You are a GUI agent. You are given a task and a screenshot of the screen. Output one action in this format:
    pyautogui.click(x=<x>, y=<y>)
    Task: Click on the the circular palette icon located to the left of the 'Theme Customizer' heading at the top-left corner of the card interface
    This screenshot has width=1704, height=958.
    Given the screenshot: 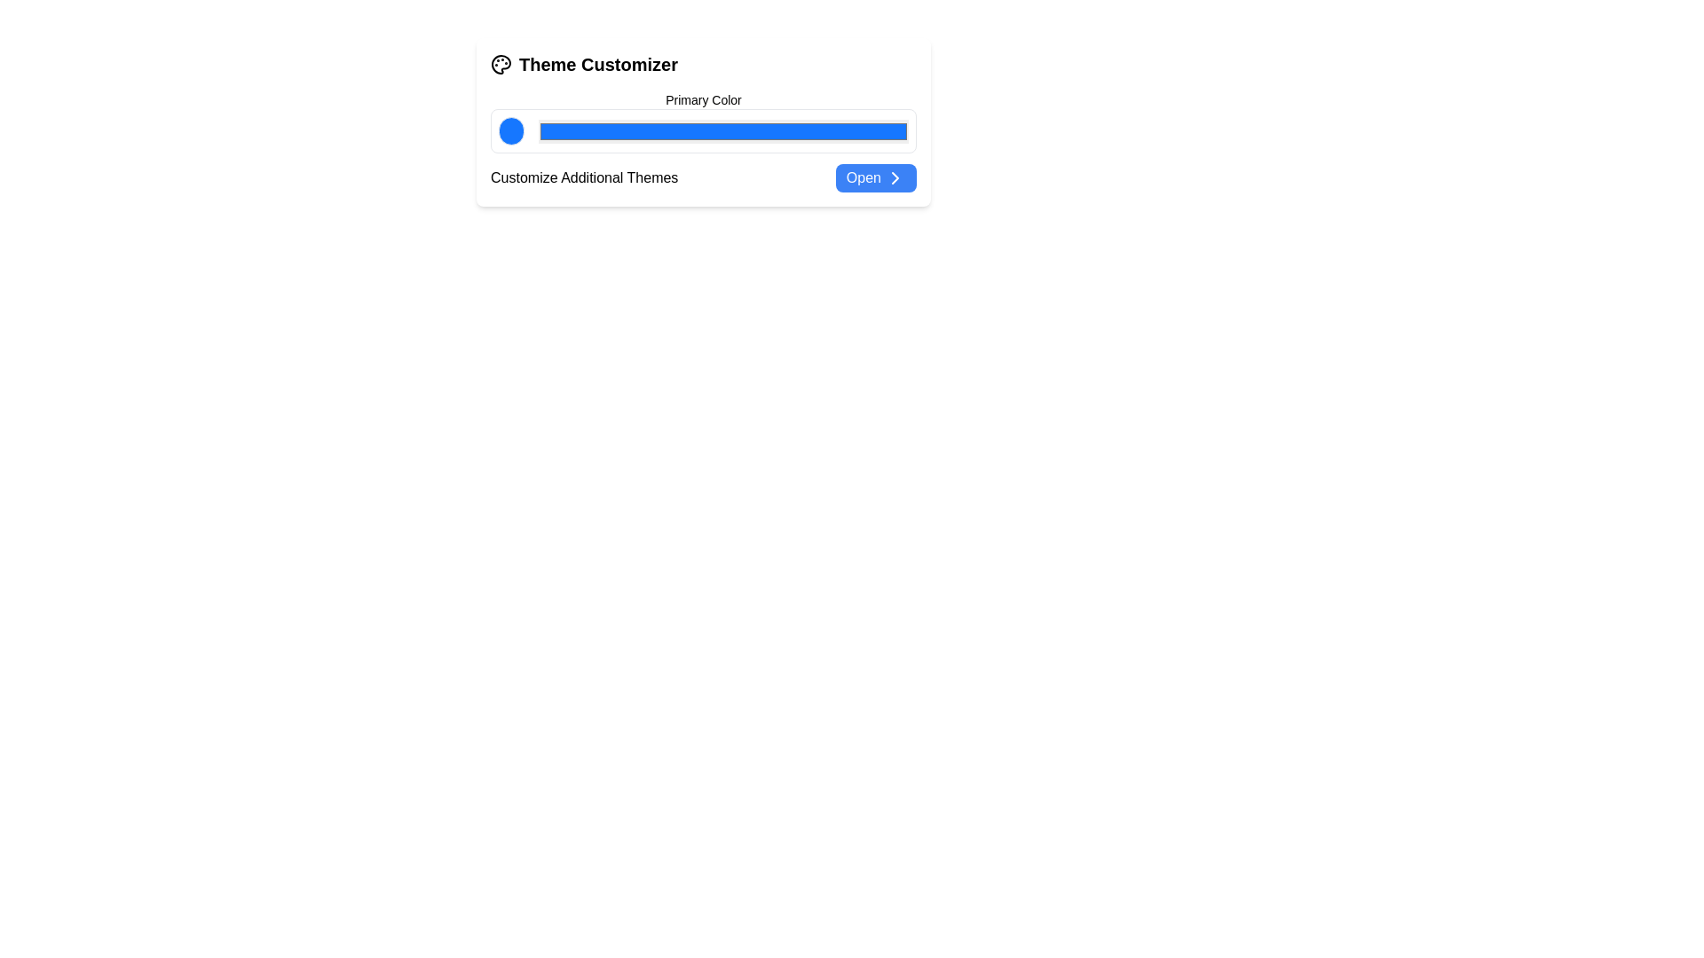 What is the action you would take?
    pyautogui.click(x=501, y=64)
    